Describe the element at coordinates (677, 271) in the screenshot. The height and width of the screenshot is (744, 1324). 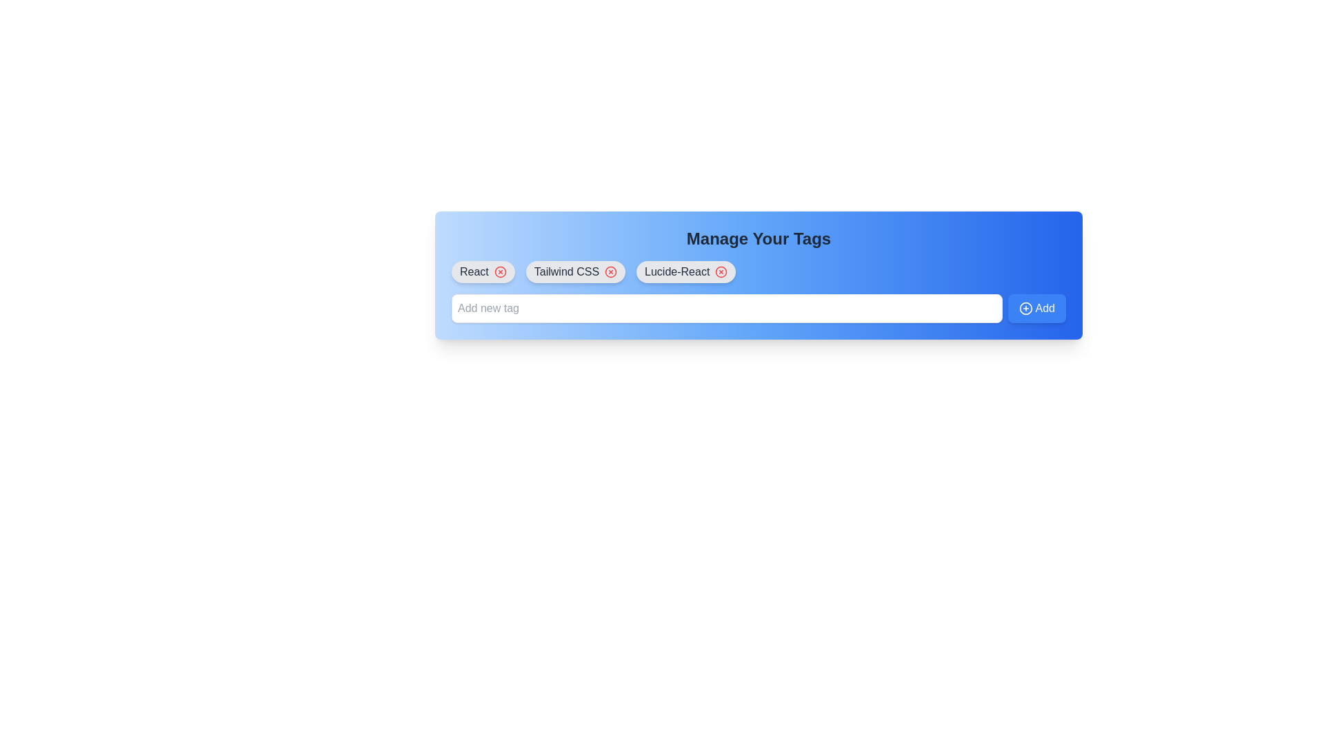
I see `the text label displaying 'Lucide-React' in gray color` at that location.